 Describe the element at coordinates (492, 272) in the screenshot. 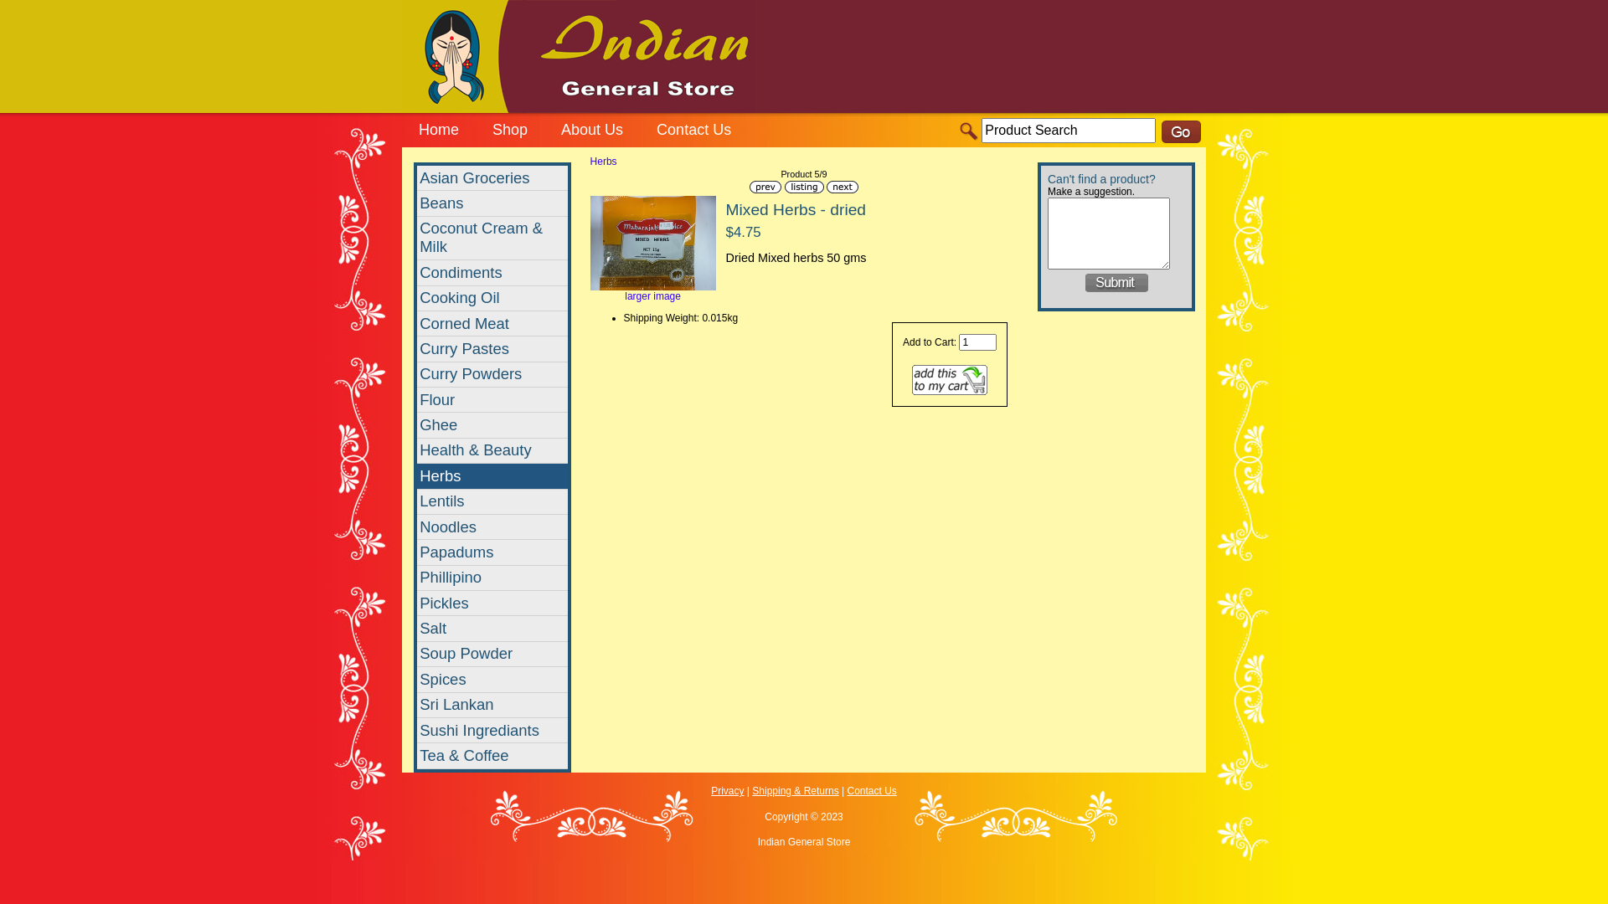

I see `'Condiments'` at that location.